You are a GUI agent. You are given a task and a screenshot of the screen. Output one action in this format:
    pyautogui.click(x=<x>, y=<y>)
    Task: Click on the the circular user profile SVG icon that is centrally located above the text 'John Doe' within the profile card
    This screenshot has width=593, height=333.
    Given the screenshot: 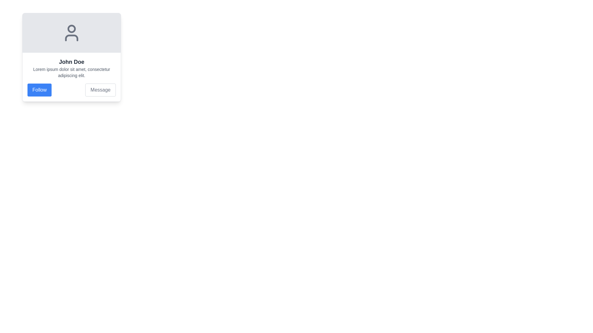 What is the action you would take?
    pyautogui.click(x=71, y=33)
    